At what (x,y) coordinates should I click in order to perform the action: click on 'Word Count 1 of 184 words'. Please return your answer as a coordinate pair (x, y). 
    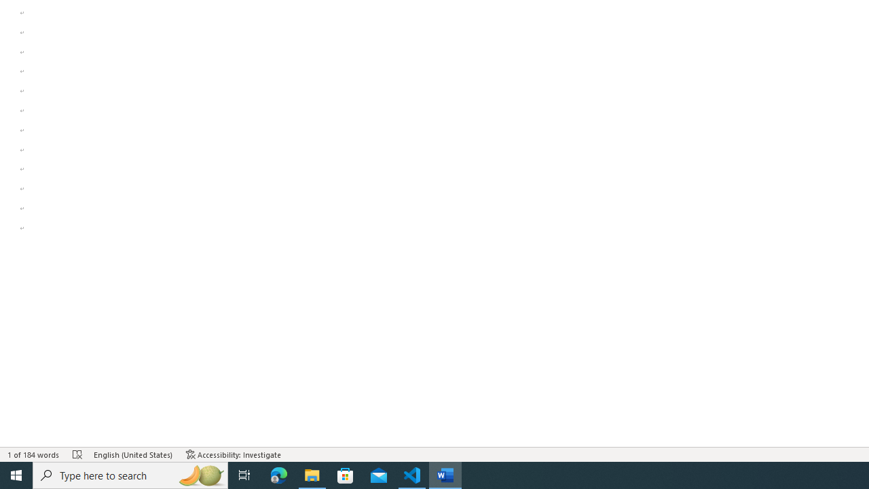
    Looking at the image, I should click on (33, 454).